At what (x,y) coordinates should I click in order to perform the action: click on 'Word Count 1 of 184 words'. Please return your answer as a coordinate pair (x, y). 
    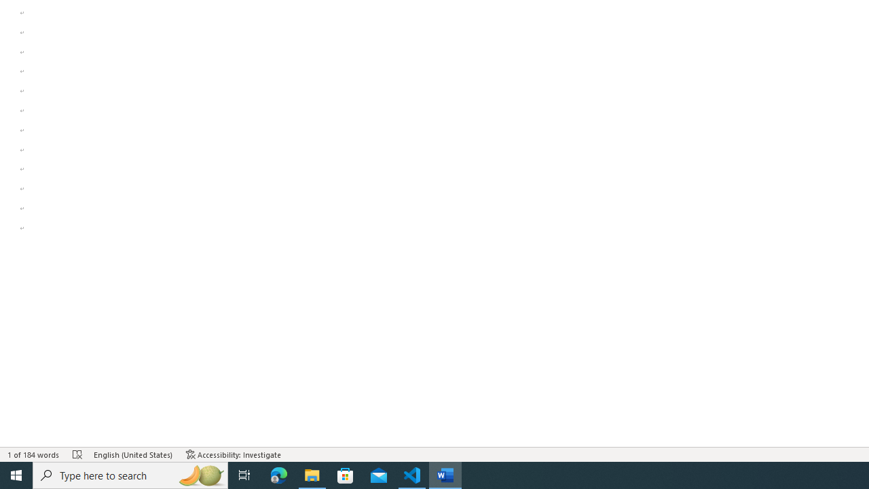
    Looking at the image, I should click on (33, 454).